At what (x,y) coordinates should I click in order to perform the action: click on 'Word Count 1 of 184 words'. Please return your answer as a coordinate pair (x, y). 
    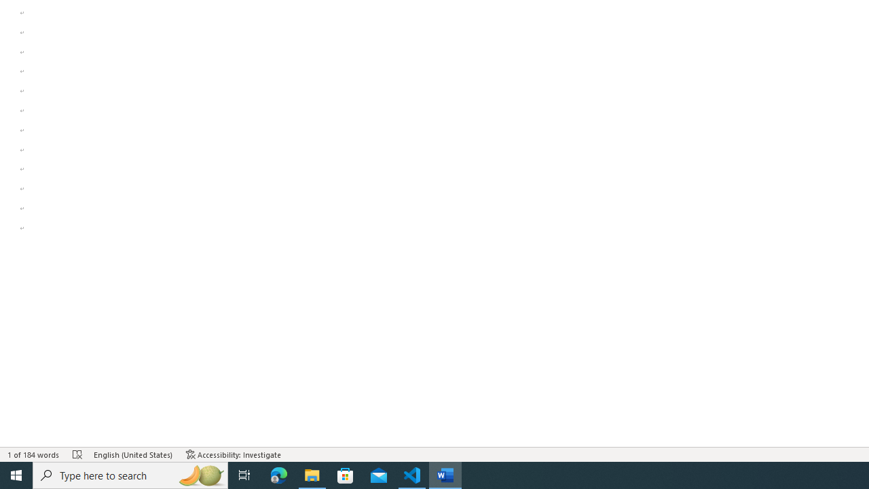
    Looking at the image, I should click on (33, 454).